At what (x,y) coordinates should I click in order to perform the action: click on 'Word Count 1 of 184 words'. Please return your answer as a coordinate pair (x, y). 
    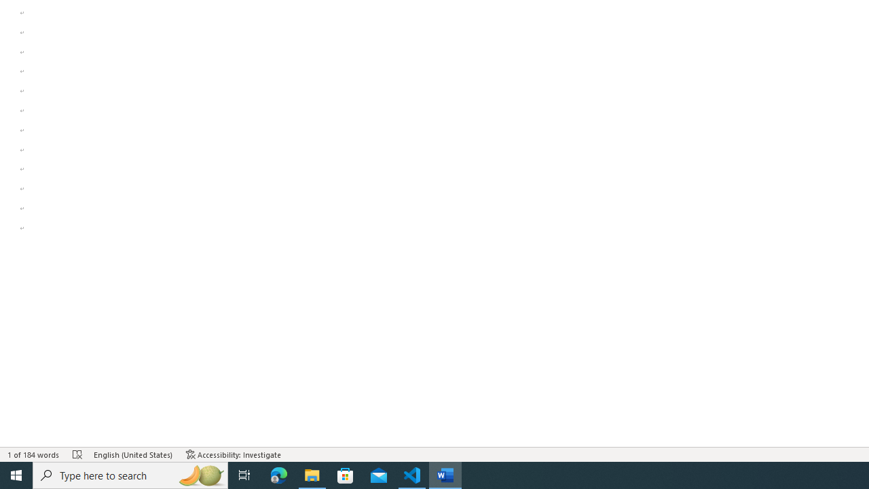
    Looking at the image, I should click on (33, 454).